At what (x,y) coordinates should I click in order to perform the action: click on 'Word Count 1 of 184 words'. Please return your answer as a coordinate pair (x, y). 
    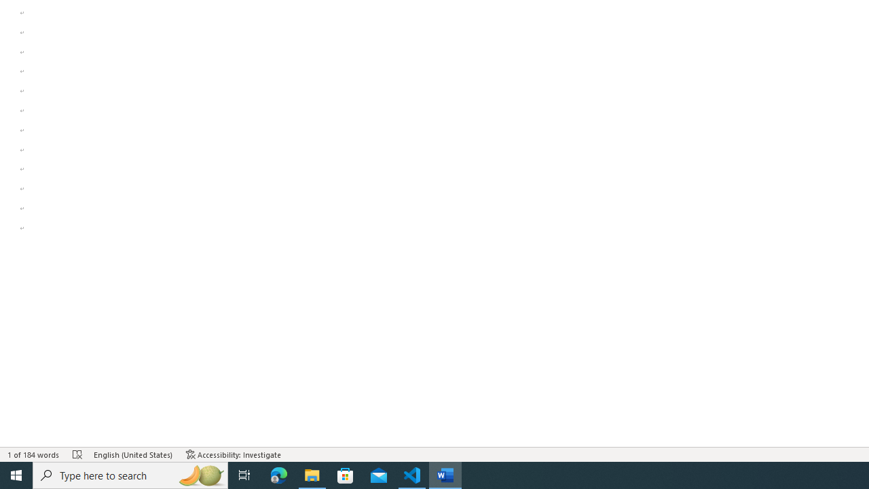
    Looking at the image, I should click on (33, 454).